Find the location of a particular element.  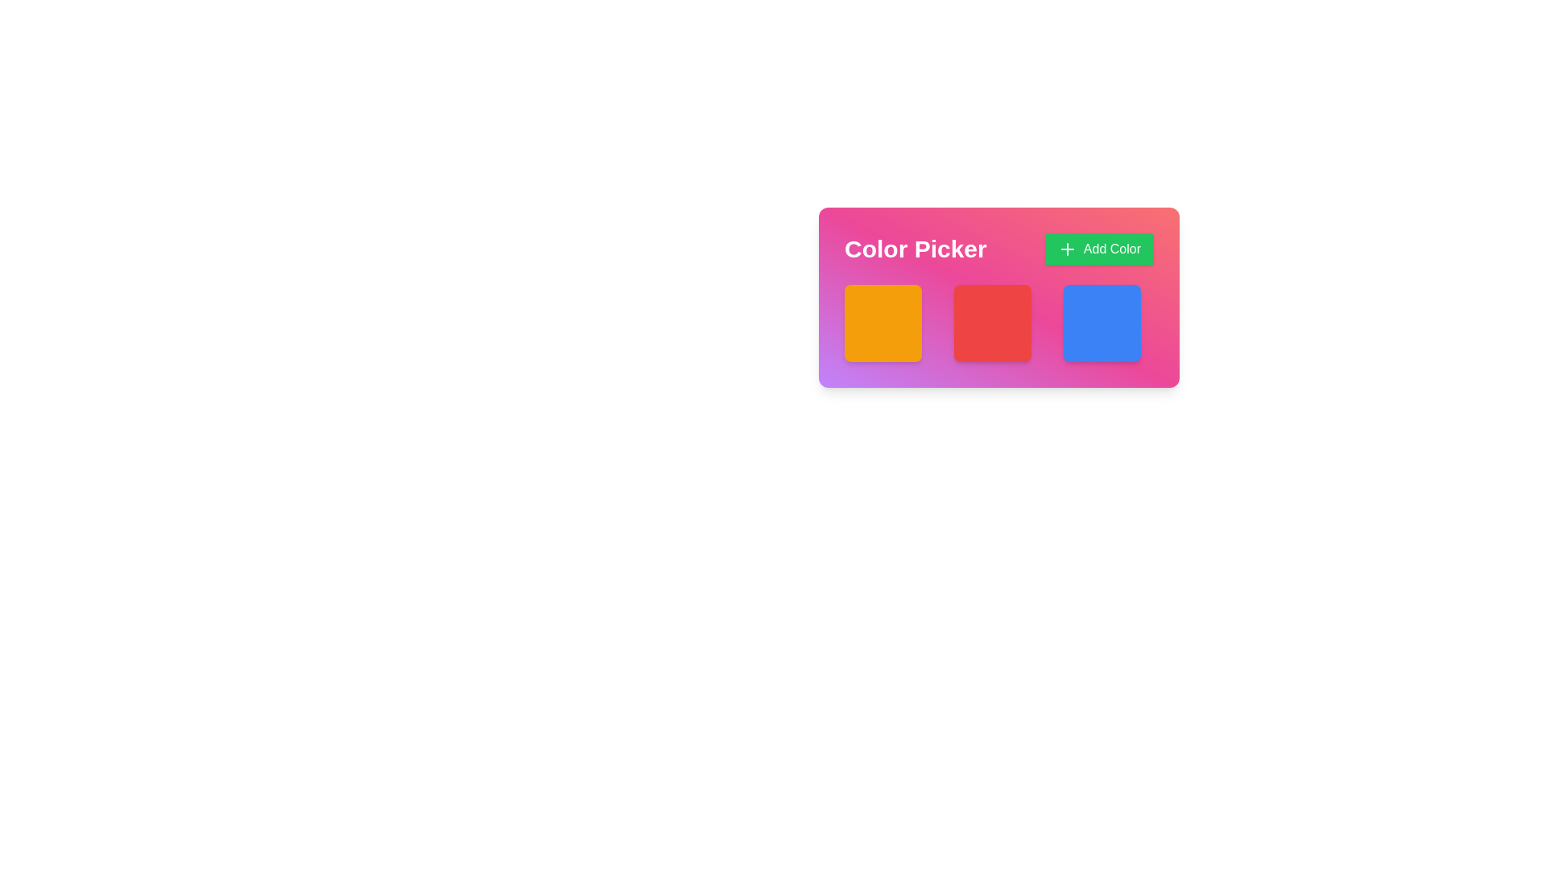

the small circular button with a red background and a white trash icon located in the top-right corner of the red square block in the 'Color Picker' interface is located at coordinates (1028, 299).